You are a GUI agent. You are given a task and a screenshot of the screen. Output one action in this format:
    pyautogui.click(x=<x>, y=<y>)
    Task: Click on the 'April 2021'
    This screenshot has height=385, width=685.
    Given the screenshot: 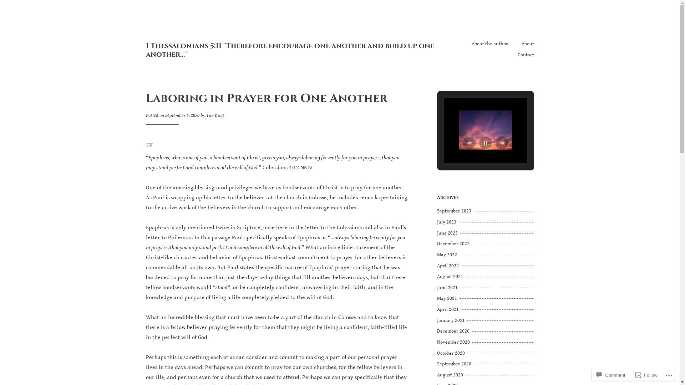 What is the action you would take?
    pyautogui.click(x=436, y=309)
    